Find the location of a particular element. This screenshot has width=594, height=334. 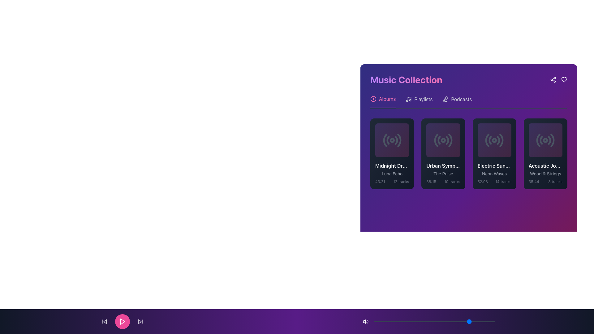

the decorative small circle in the top-right area of the album card's SVG icon, which is the third identifiable element in its hierarchy is located at coordinates (392, 140).